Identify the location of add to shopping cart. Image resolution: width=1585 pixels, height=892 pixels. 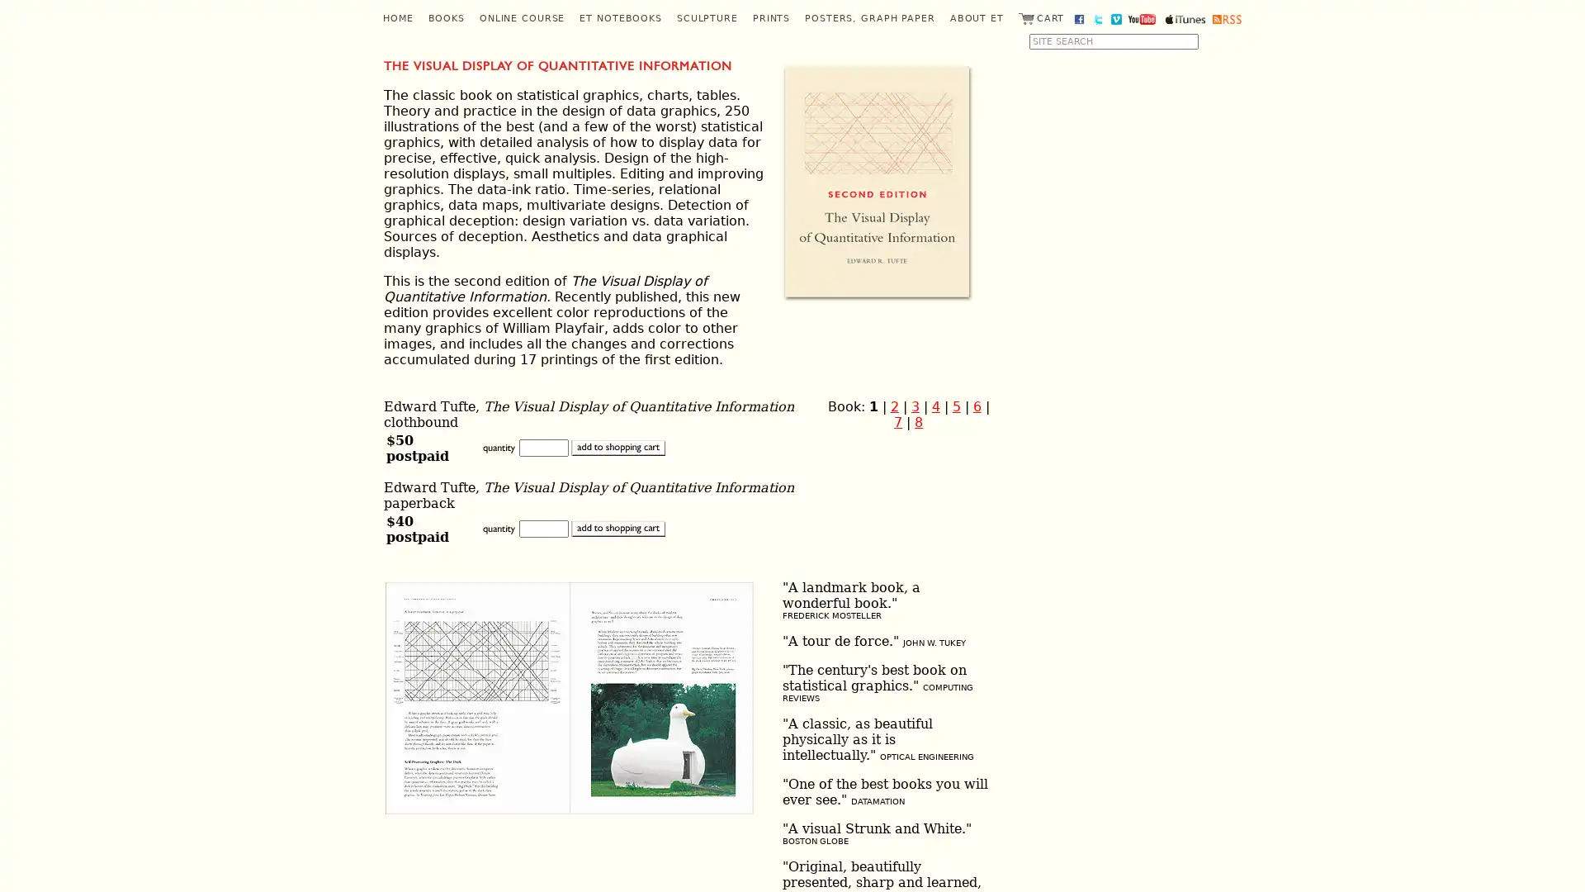
(617, 448).